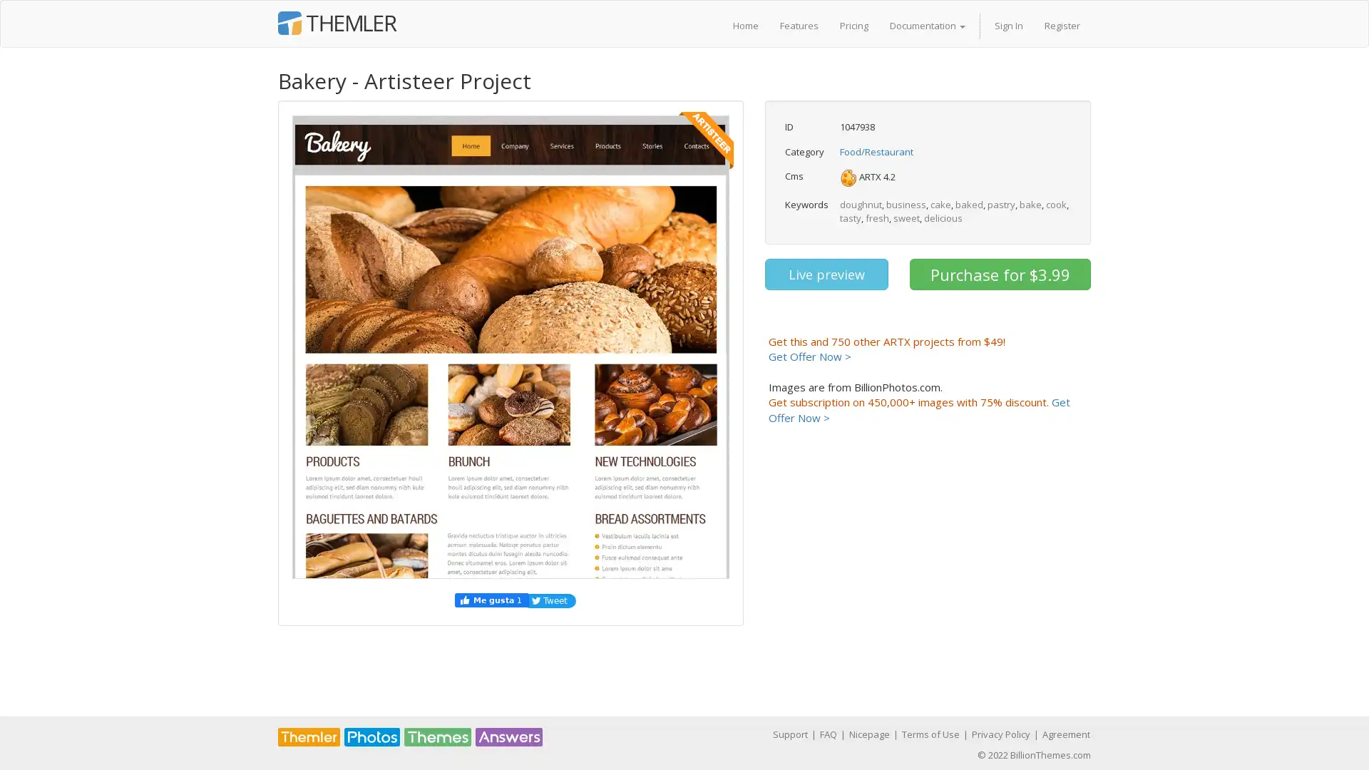  What do you see at coordinates (826, 274) in the screenshot?
I see `Live preview` at bounding box center [826, 274].